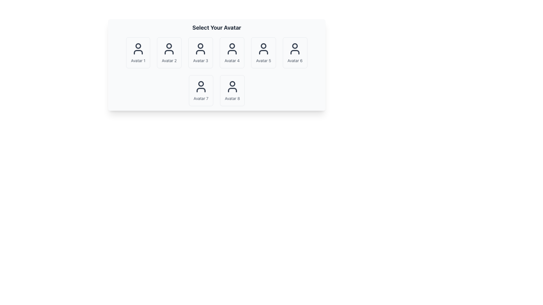 The width and height of the screenshot is (543, 305). Describe the element at coordinates (232, 98) in the screenshot. I see `text from the last text label located below the avatar icon in the bottom row, last column, next to 'Avatar 7'` at that location.